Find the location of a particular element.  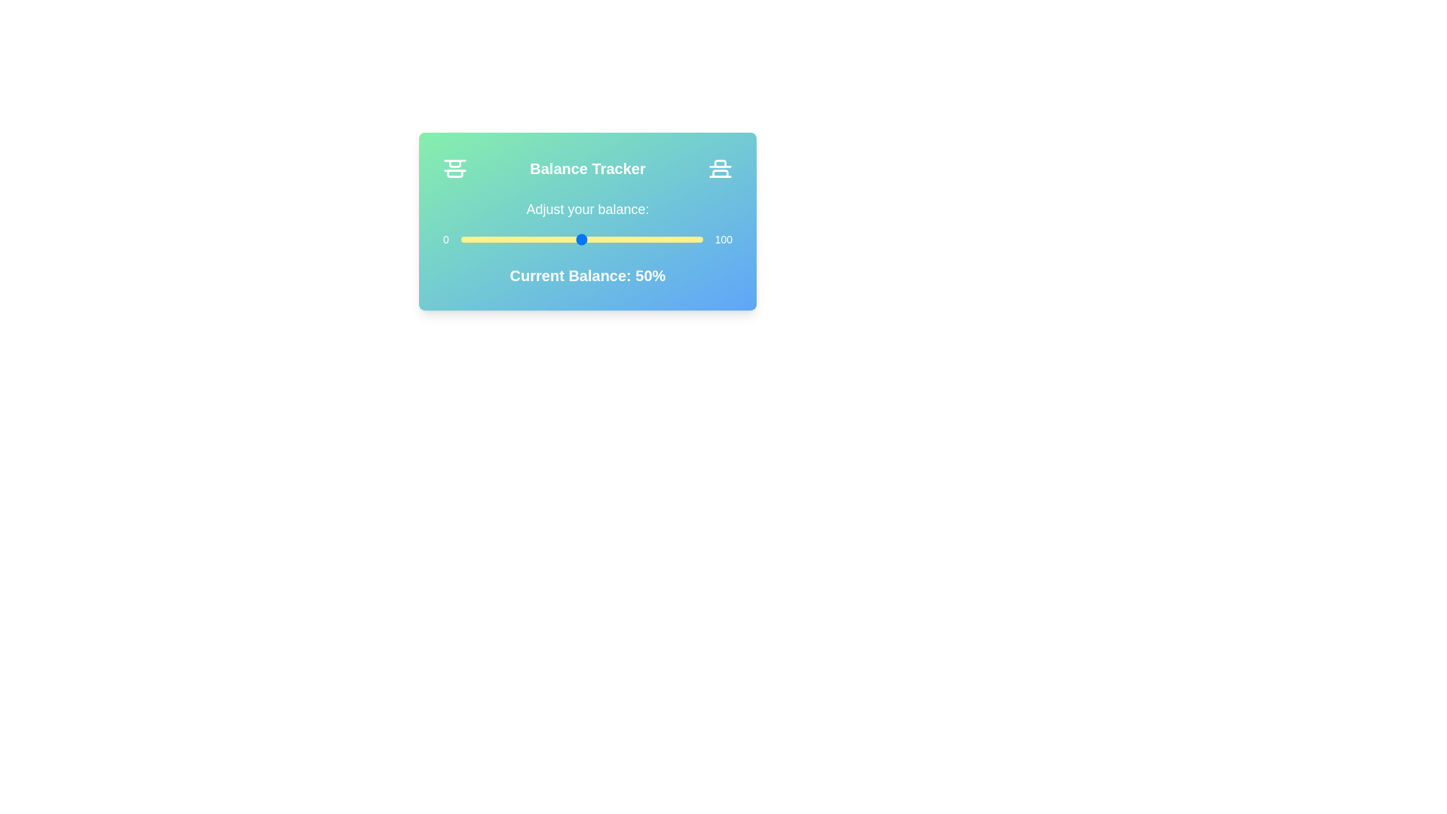

the balance slider to 50 percent is located at coordinates (581, 238).